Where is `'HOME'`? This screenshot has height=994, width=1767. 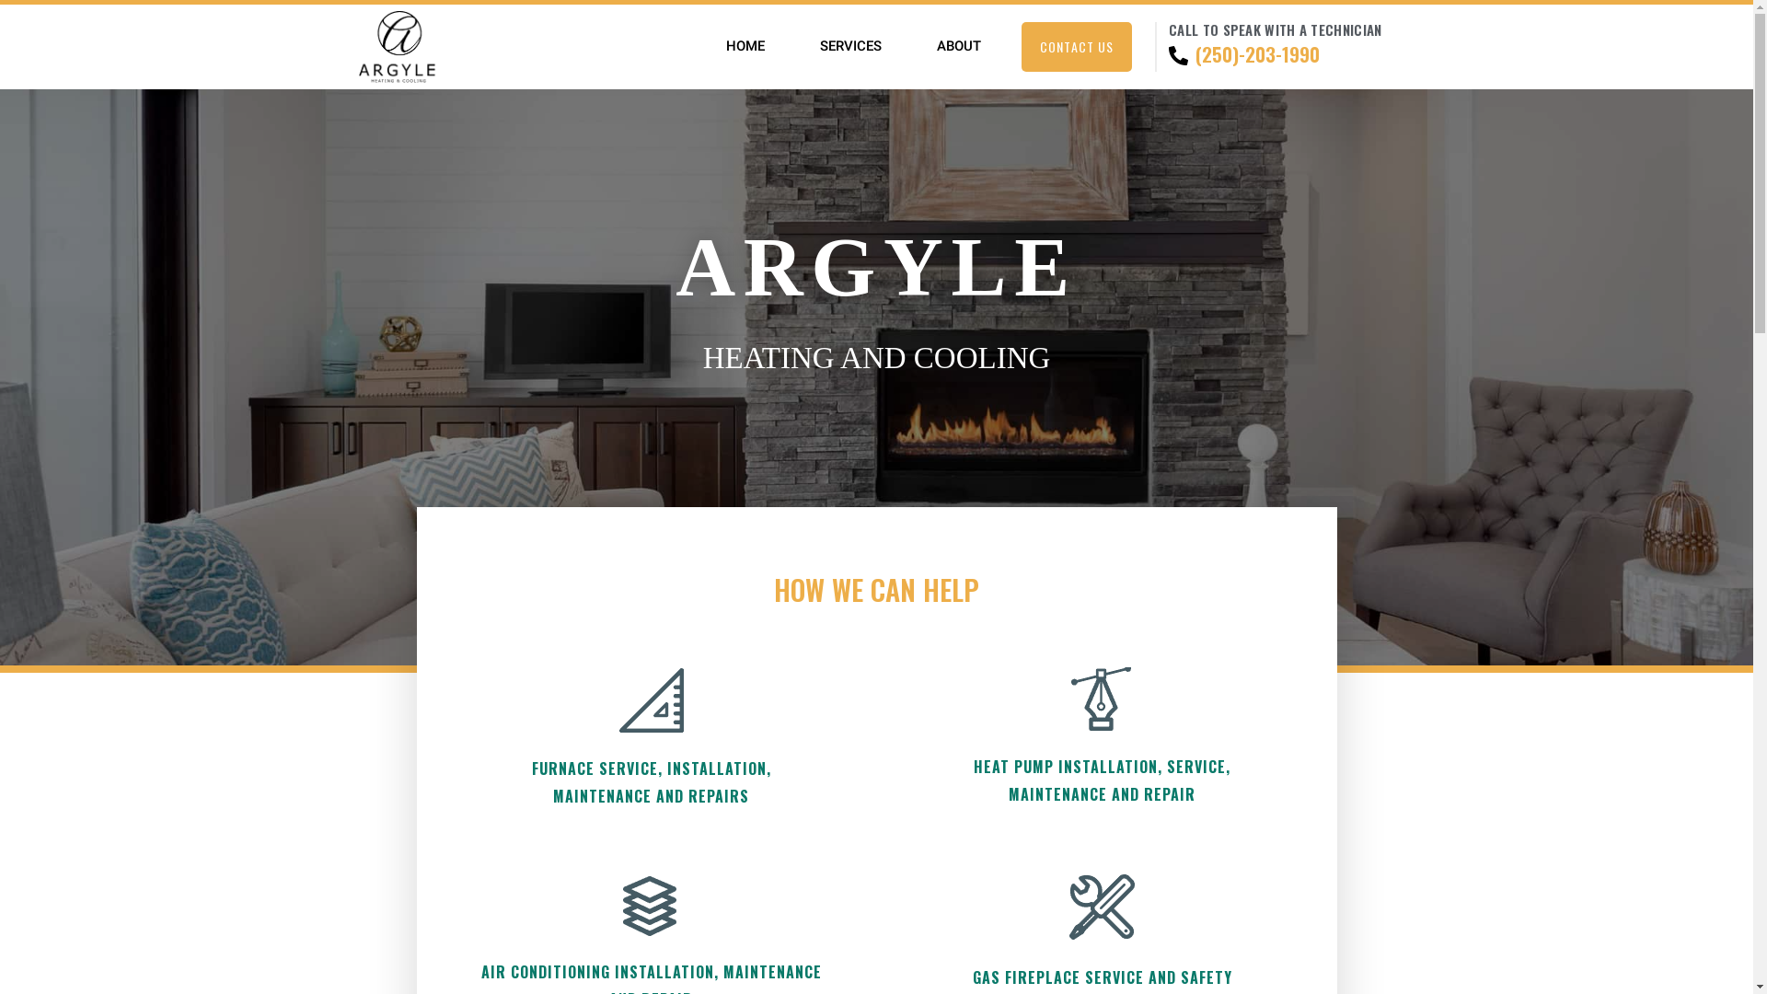
'HOME' is located at coordinates (745, 45).